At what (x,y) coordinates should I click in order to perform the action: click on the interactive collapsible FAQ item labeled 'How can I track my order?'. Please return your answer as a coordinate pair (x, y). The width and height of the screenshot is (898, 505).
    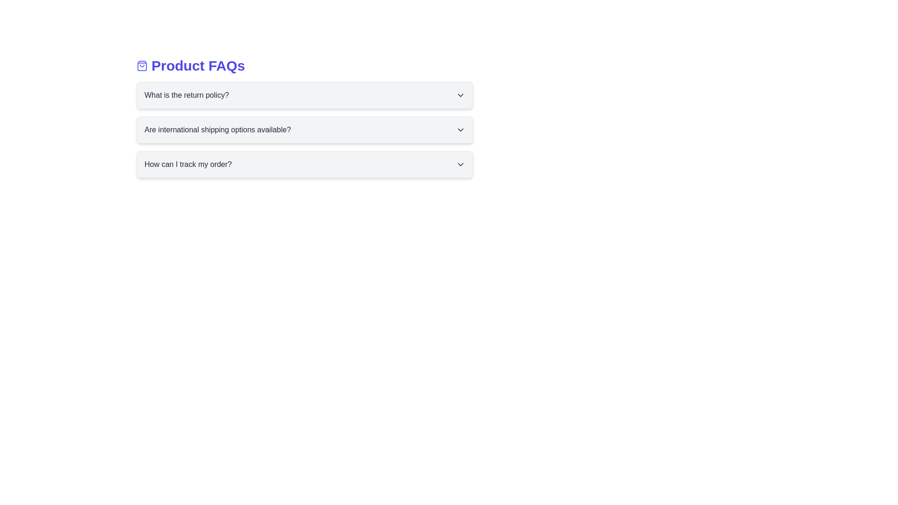
    Looking at the image, I should click on (305, 164).